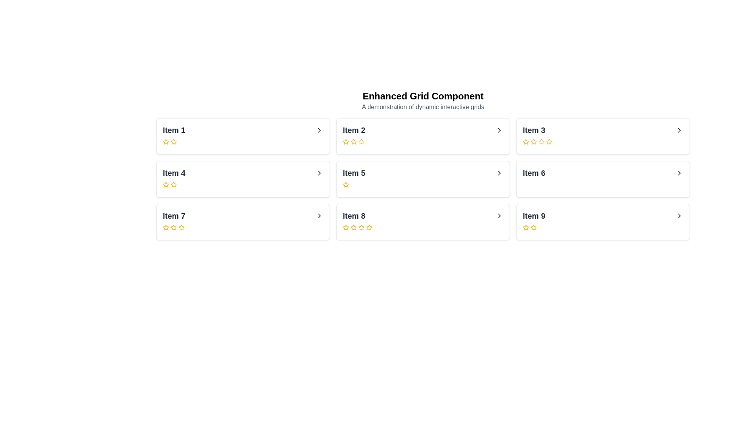 Image resolution: width=748 pixels, height=421 pixels. What do you see at coordinates (346, 227) in the screenshot?
I see `the first yellow outlined star in the rating section of 'Item 8' located in the bottom row of the grid layout` at bounding box center [346, 227].